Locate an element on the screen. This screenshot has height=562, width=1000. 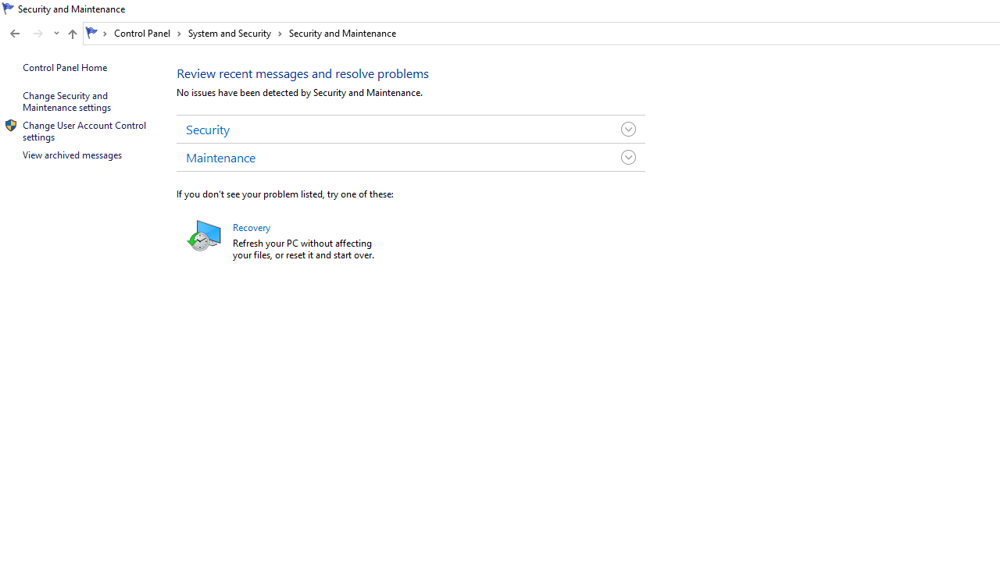
'Change User Account Control settings' is located at coordinates (84, 130).